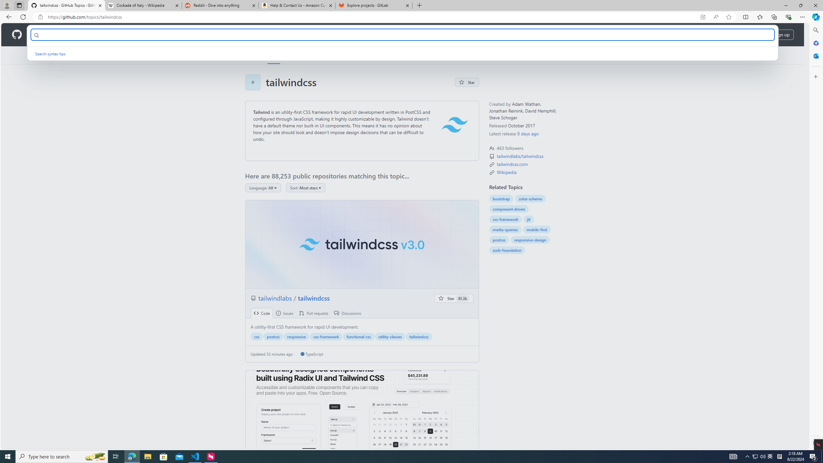 The image size is (823, 463). What do you see at coordinates (313, 313) in the screenshot?
I see `' Pull requests'` at bounding box center [313, 313].